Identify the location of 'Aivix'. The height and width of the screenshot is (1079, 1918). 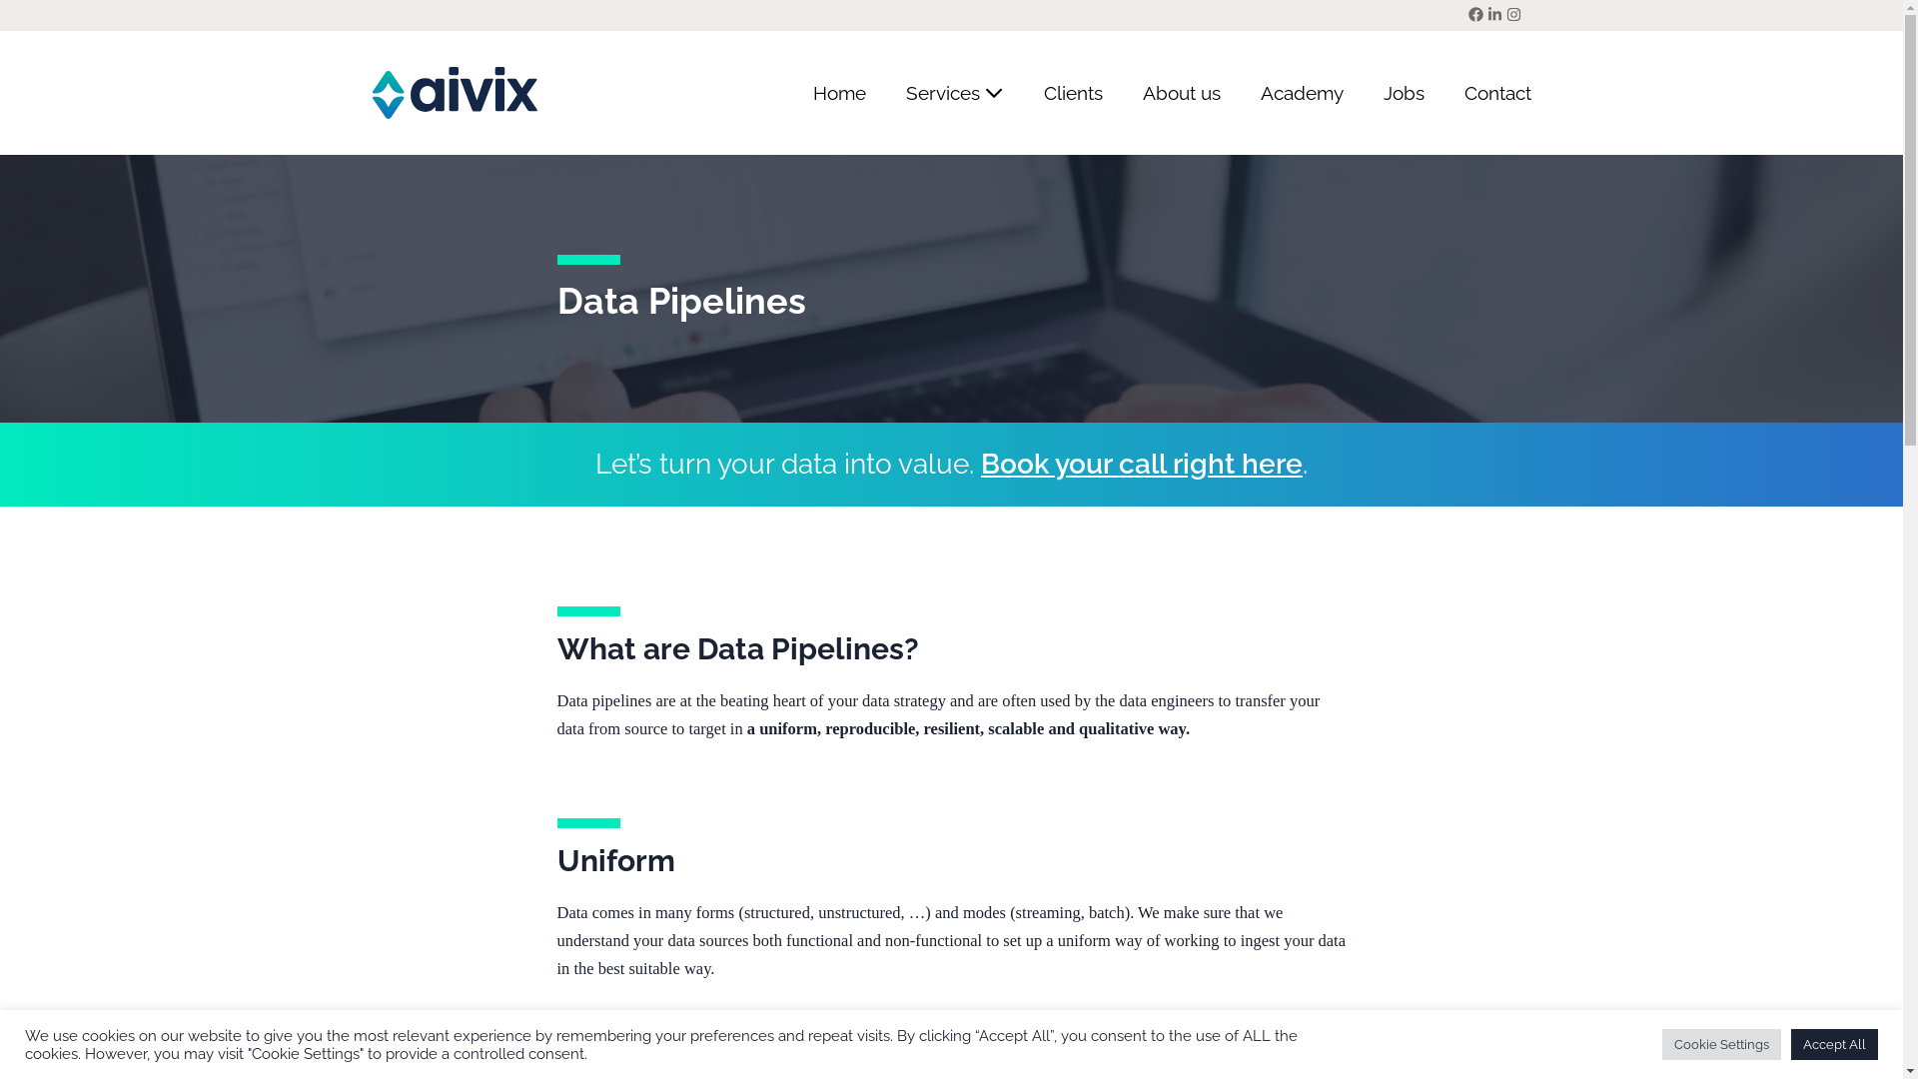
(453, 92).